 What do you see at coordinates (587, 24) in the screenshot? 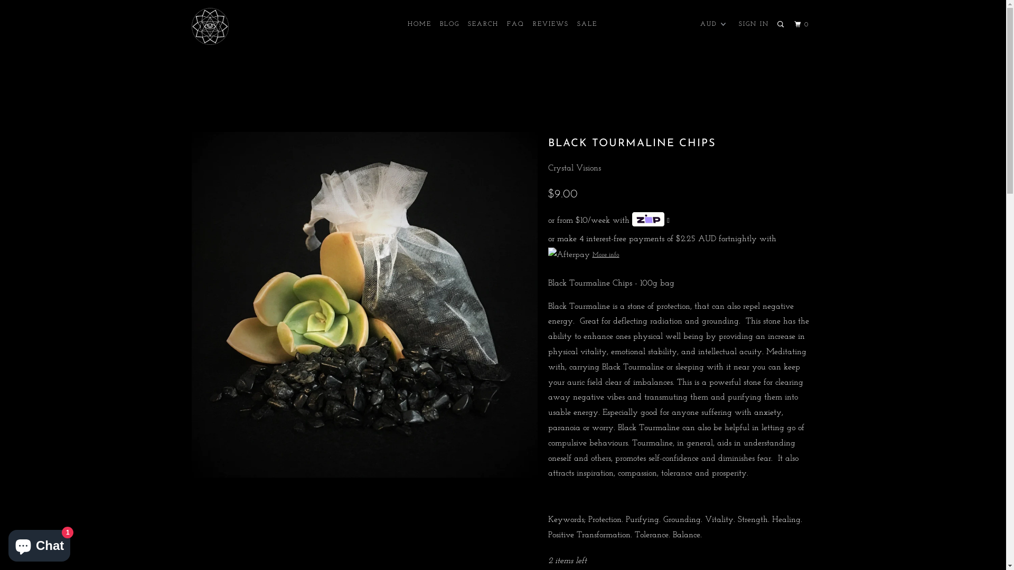
I see `'SALE'` at bounding box center [587, 24].